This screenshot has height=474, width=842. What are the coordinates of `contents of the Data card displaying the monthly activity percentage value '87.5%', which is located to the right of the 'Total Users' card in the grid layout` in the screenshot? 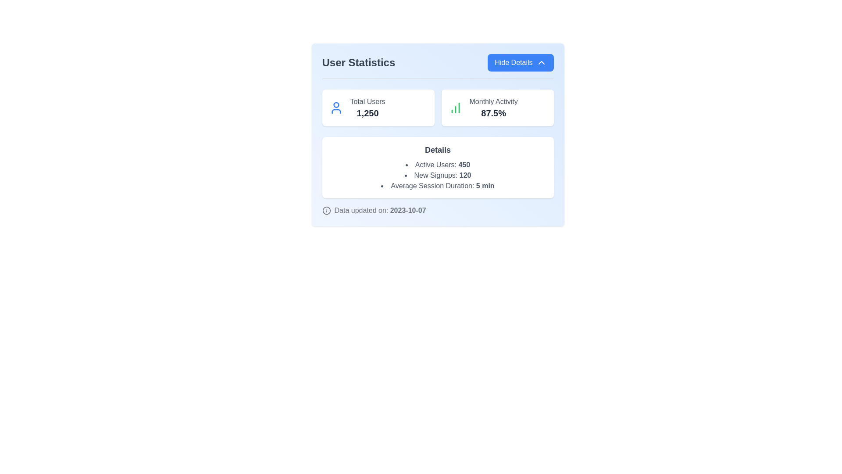 It's located at (497, 108).